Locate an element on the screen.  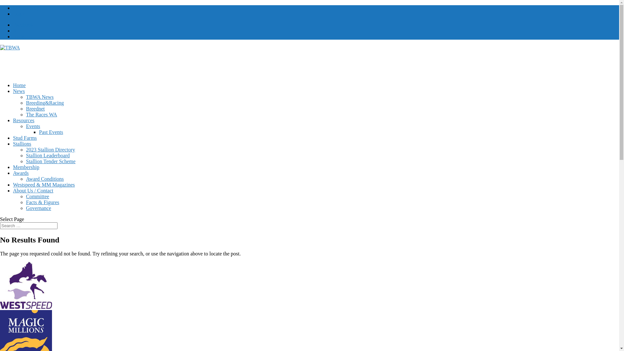
'Events' is located at coordinates (32, 126).